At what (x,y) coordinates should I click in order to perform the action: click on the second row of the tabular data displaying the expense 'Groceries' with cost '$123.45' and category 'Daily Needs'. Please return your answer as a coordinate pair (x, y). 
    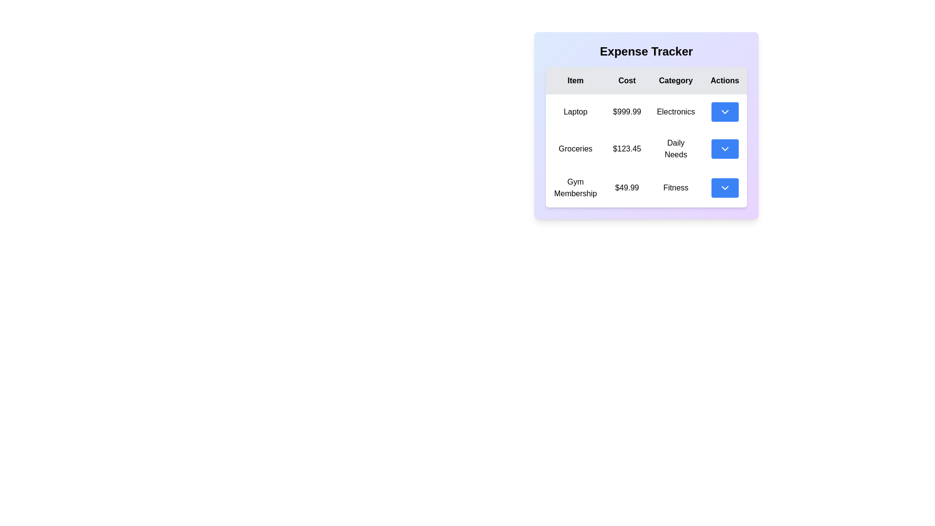
    Looking at the image, I should click on (646, 150).